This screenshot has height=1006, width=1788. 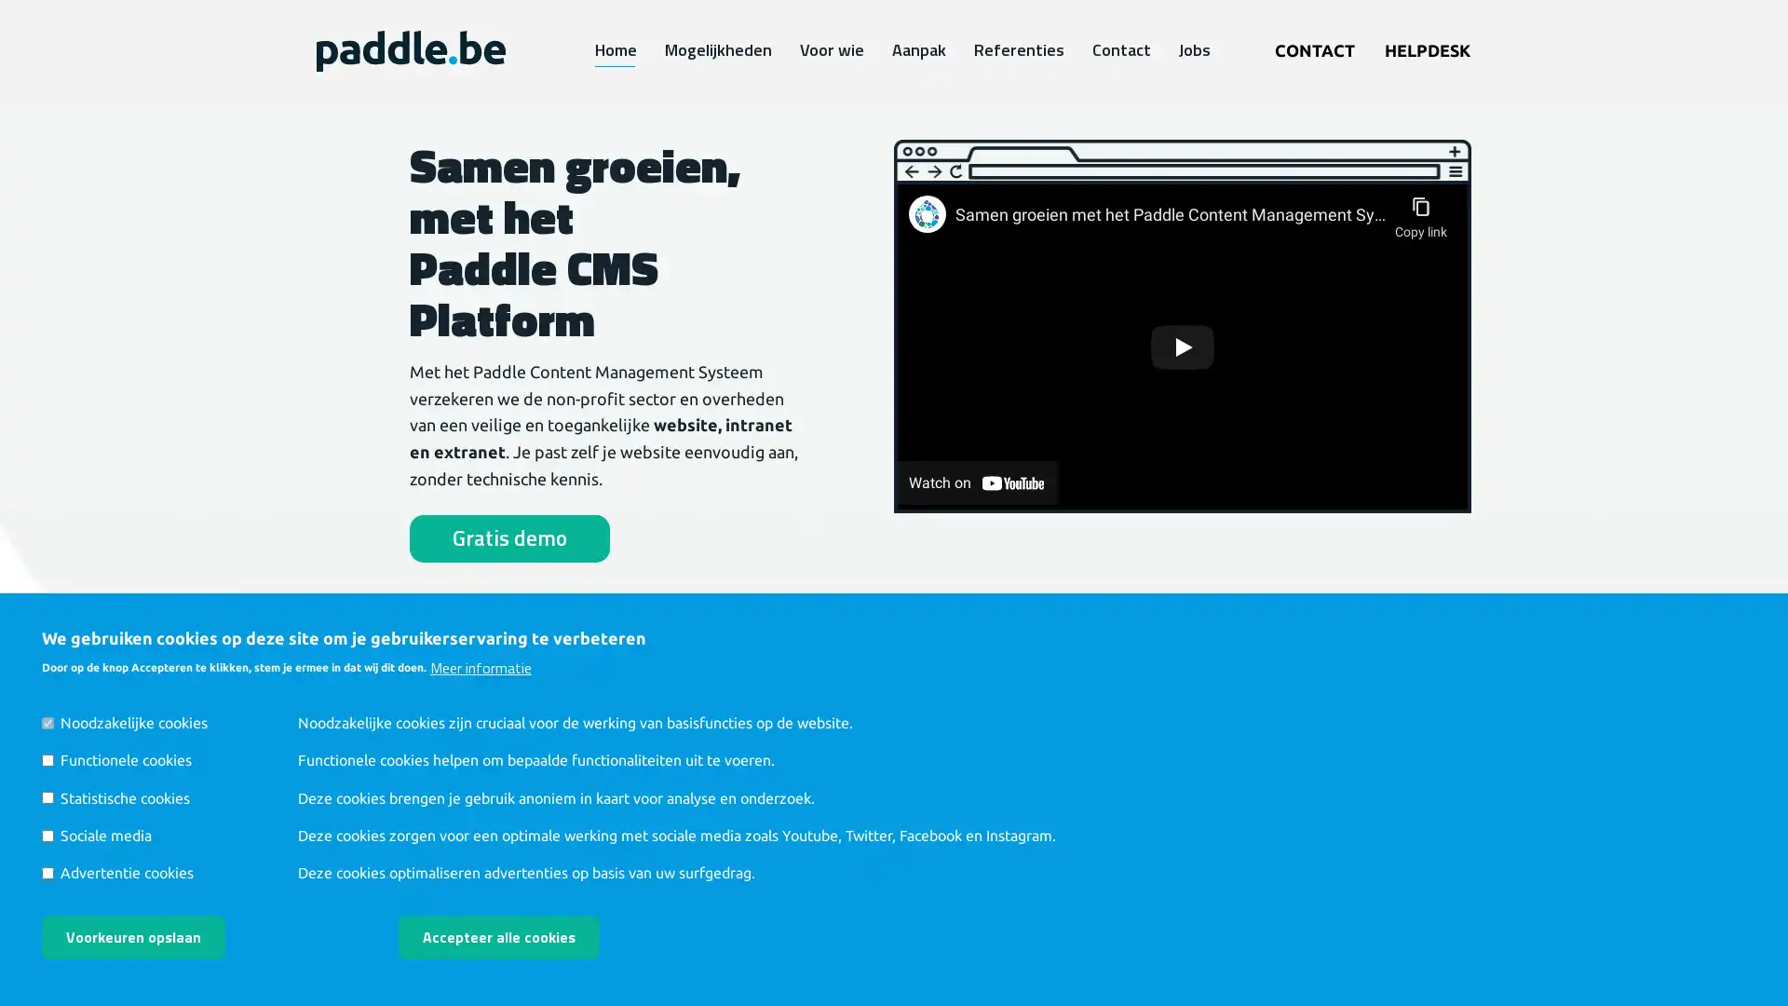 I want to click on Accepteer alle cookies, so click(x=499, y=937).